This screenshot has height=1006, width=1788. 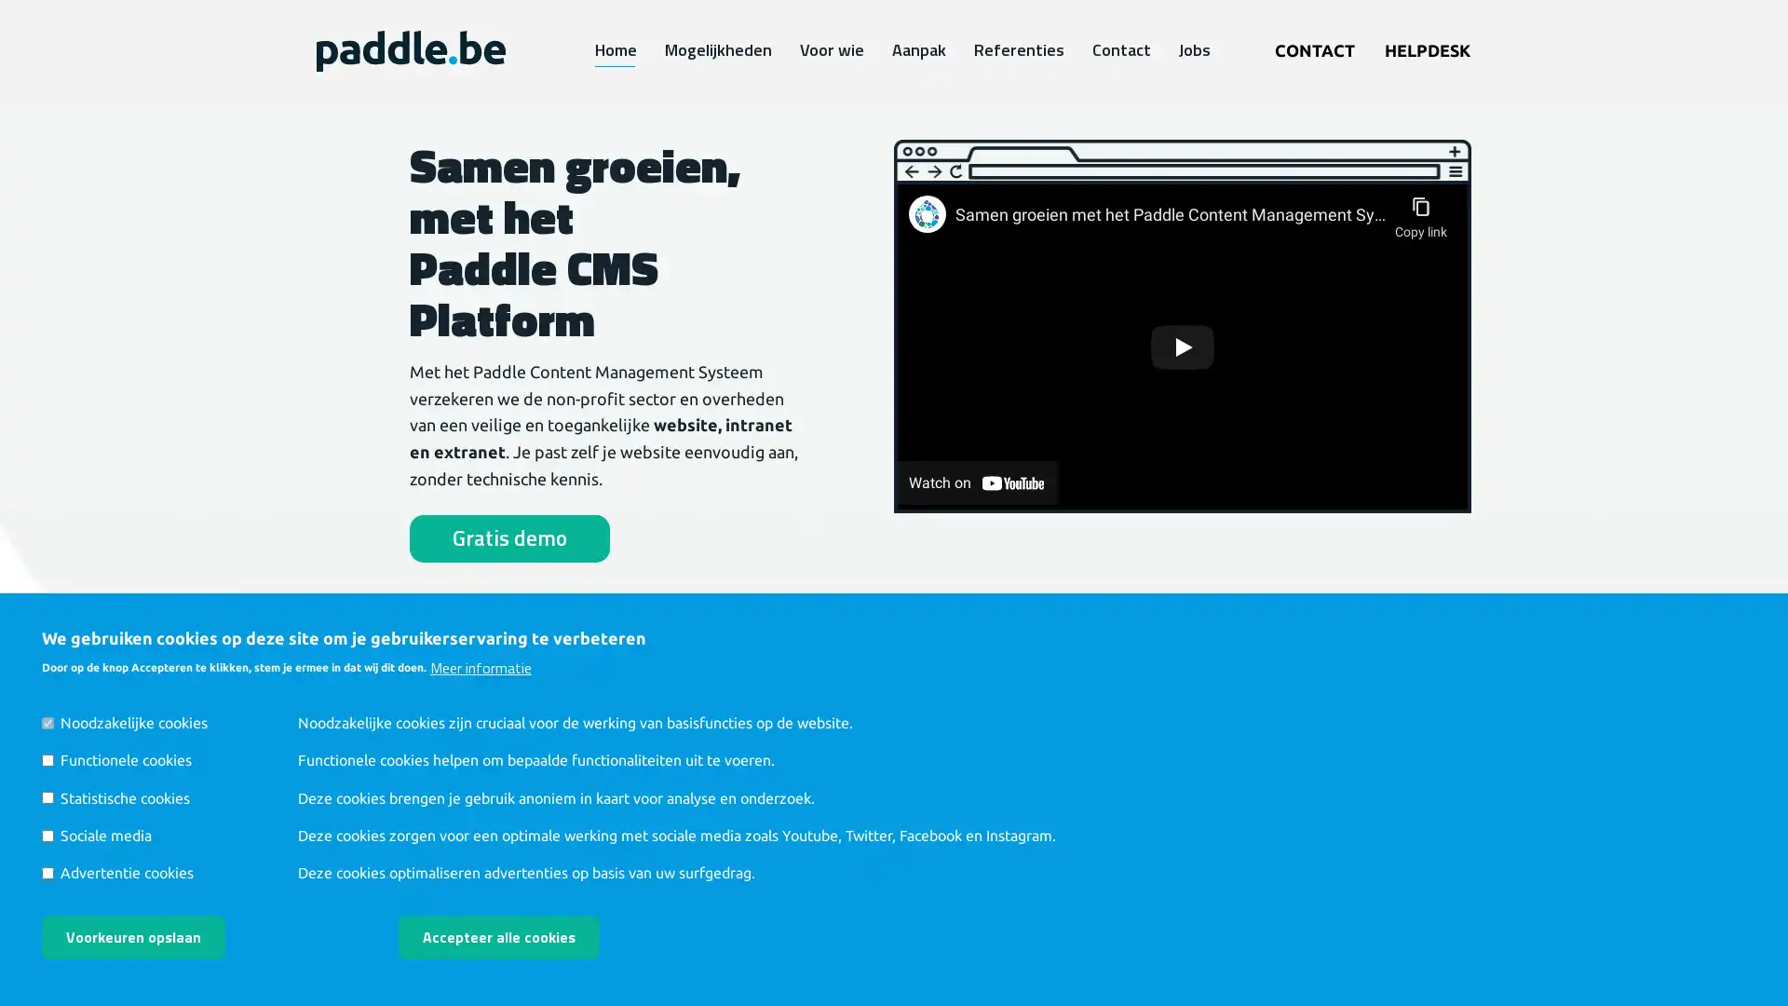 I want to click on Accepteer alle cookies, so click(x=499, y=937).